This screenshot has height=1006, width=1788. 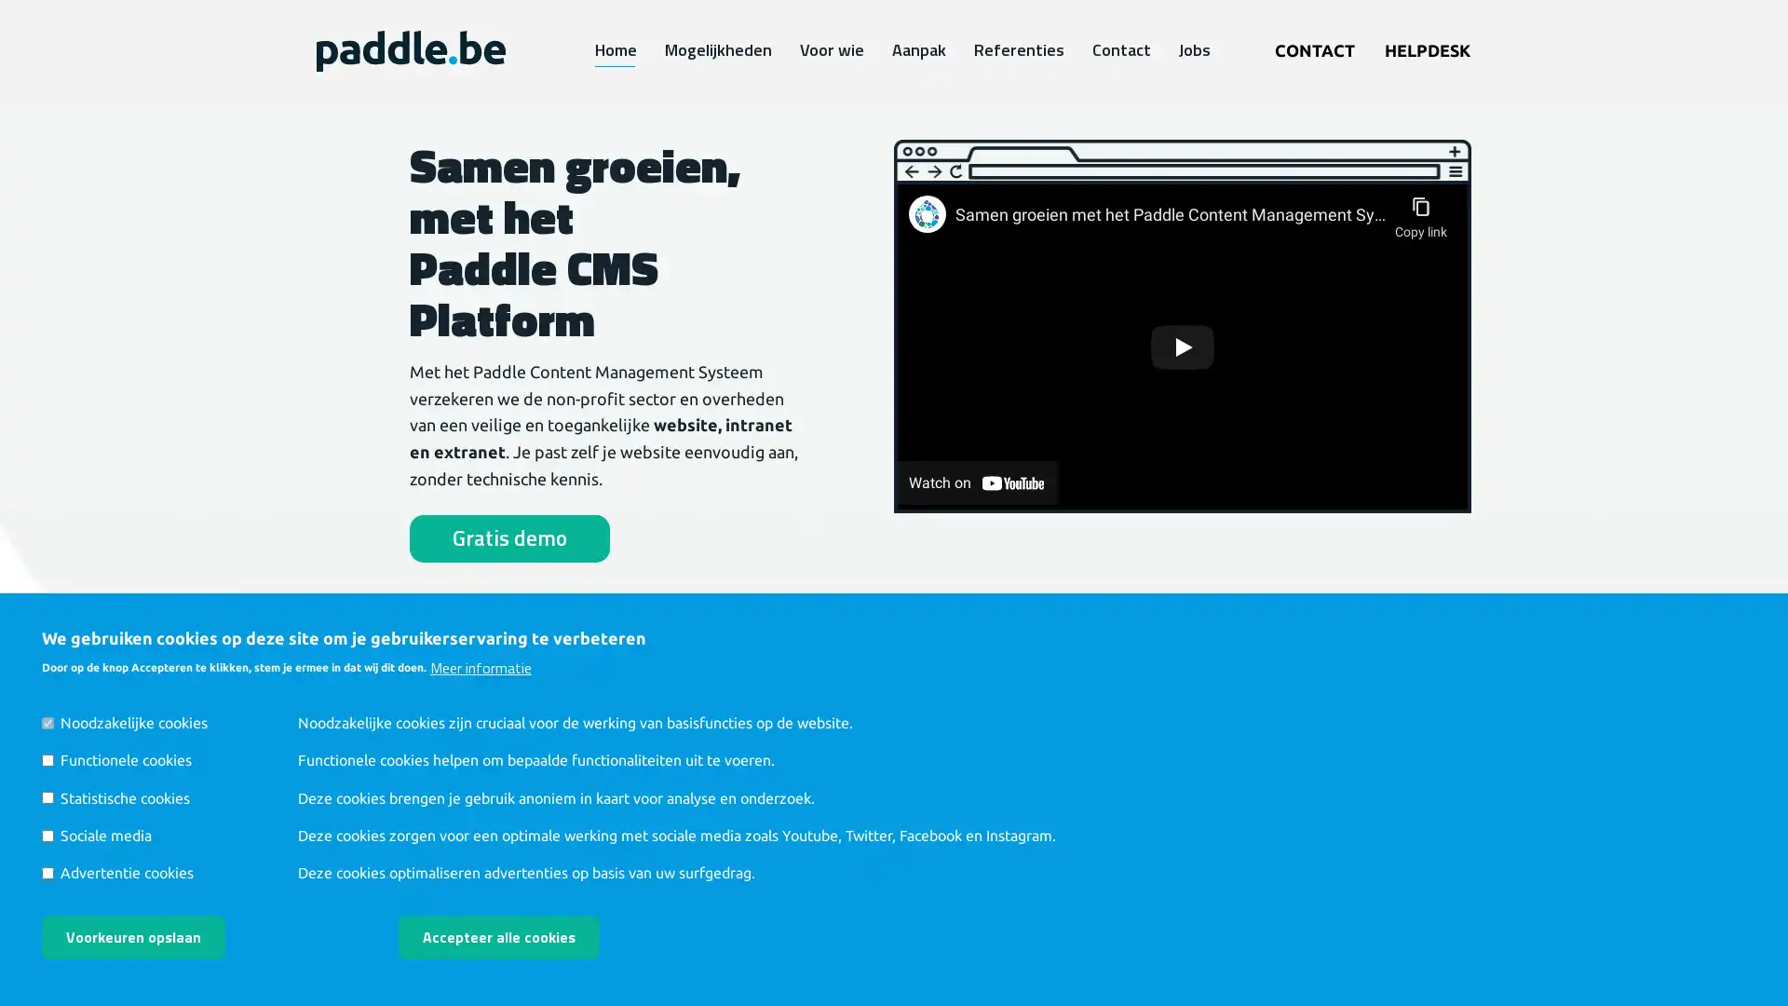 I want to click on Accepteer alle cookies, so click(x=499, y=937).